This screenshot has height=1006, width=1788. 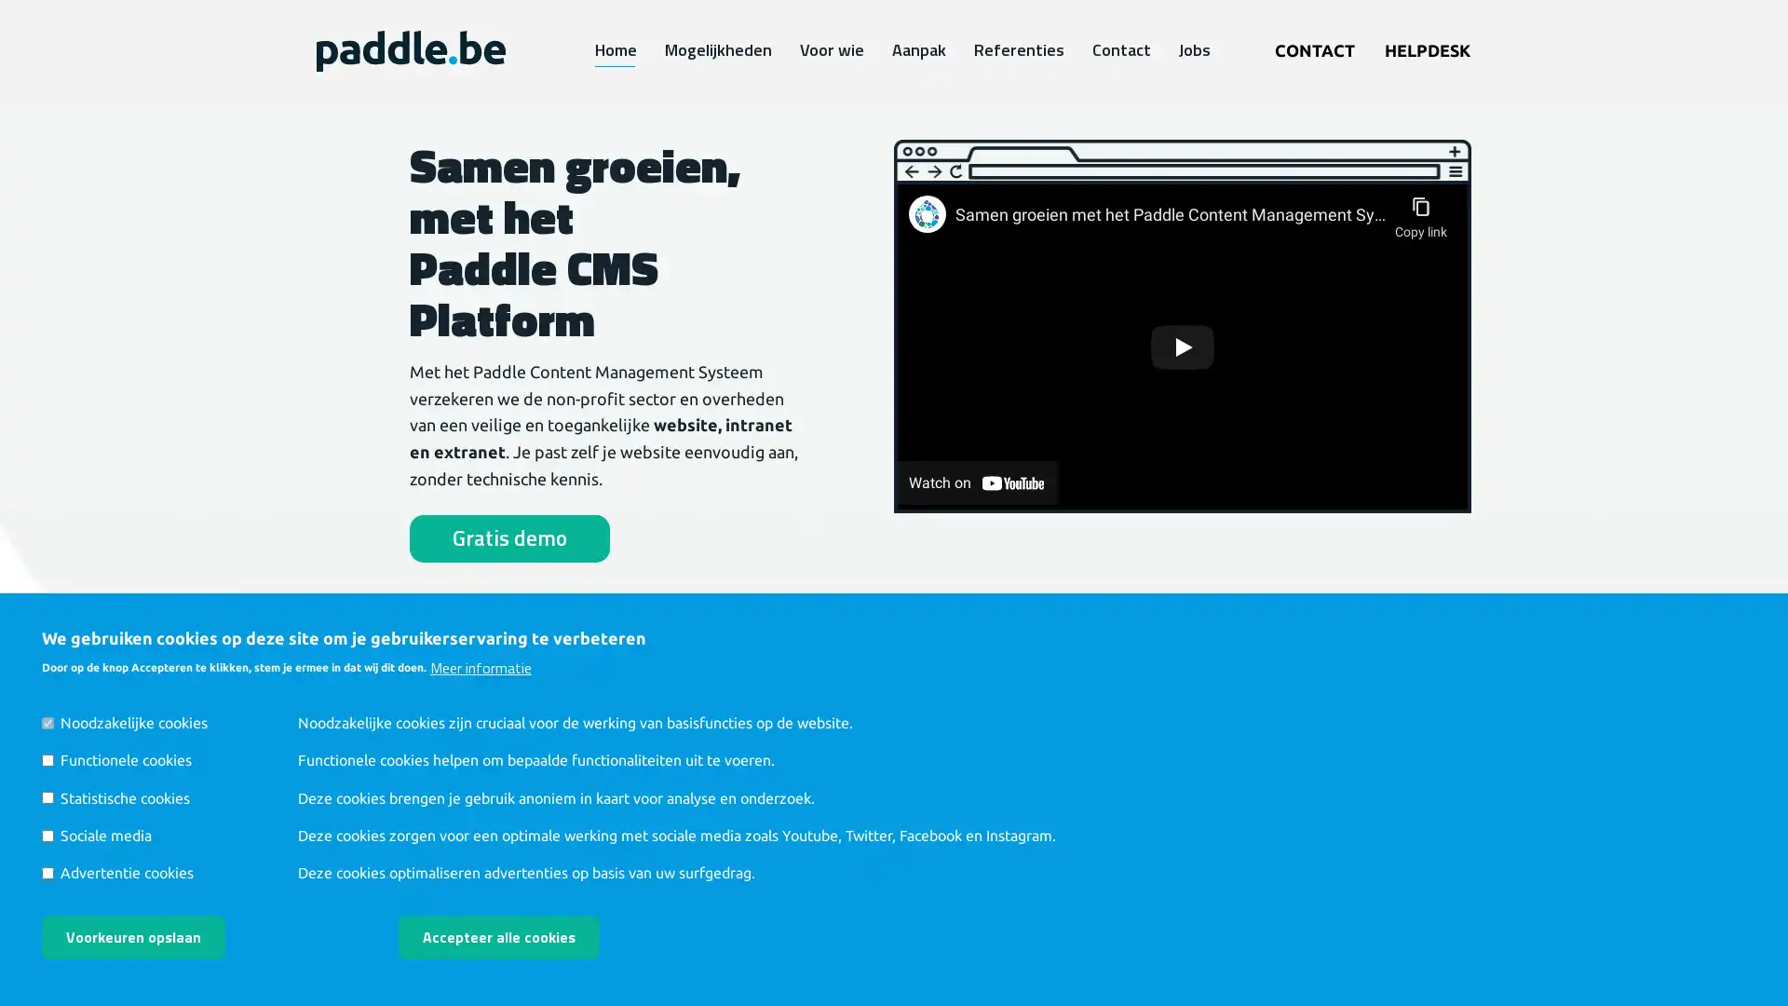 I want to click on Accepteer alle cookies, so click(x=499, y=937).